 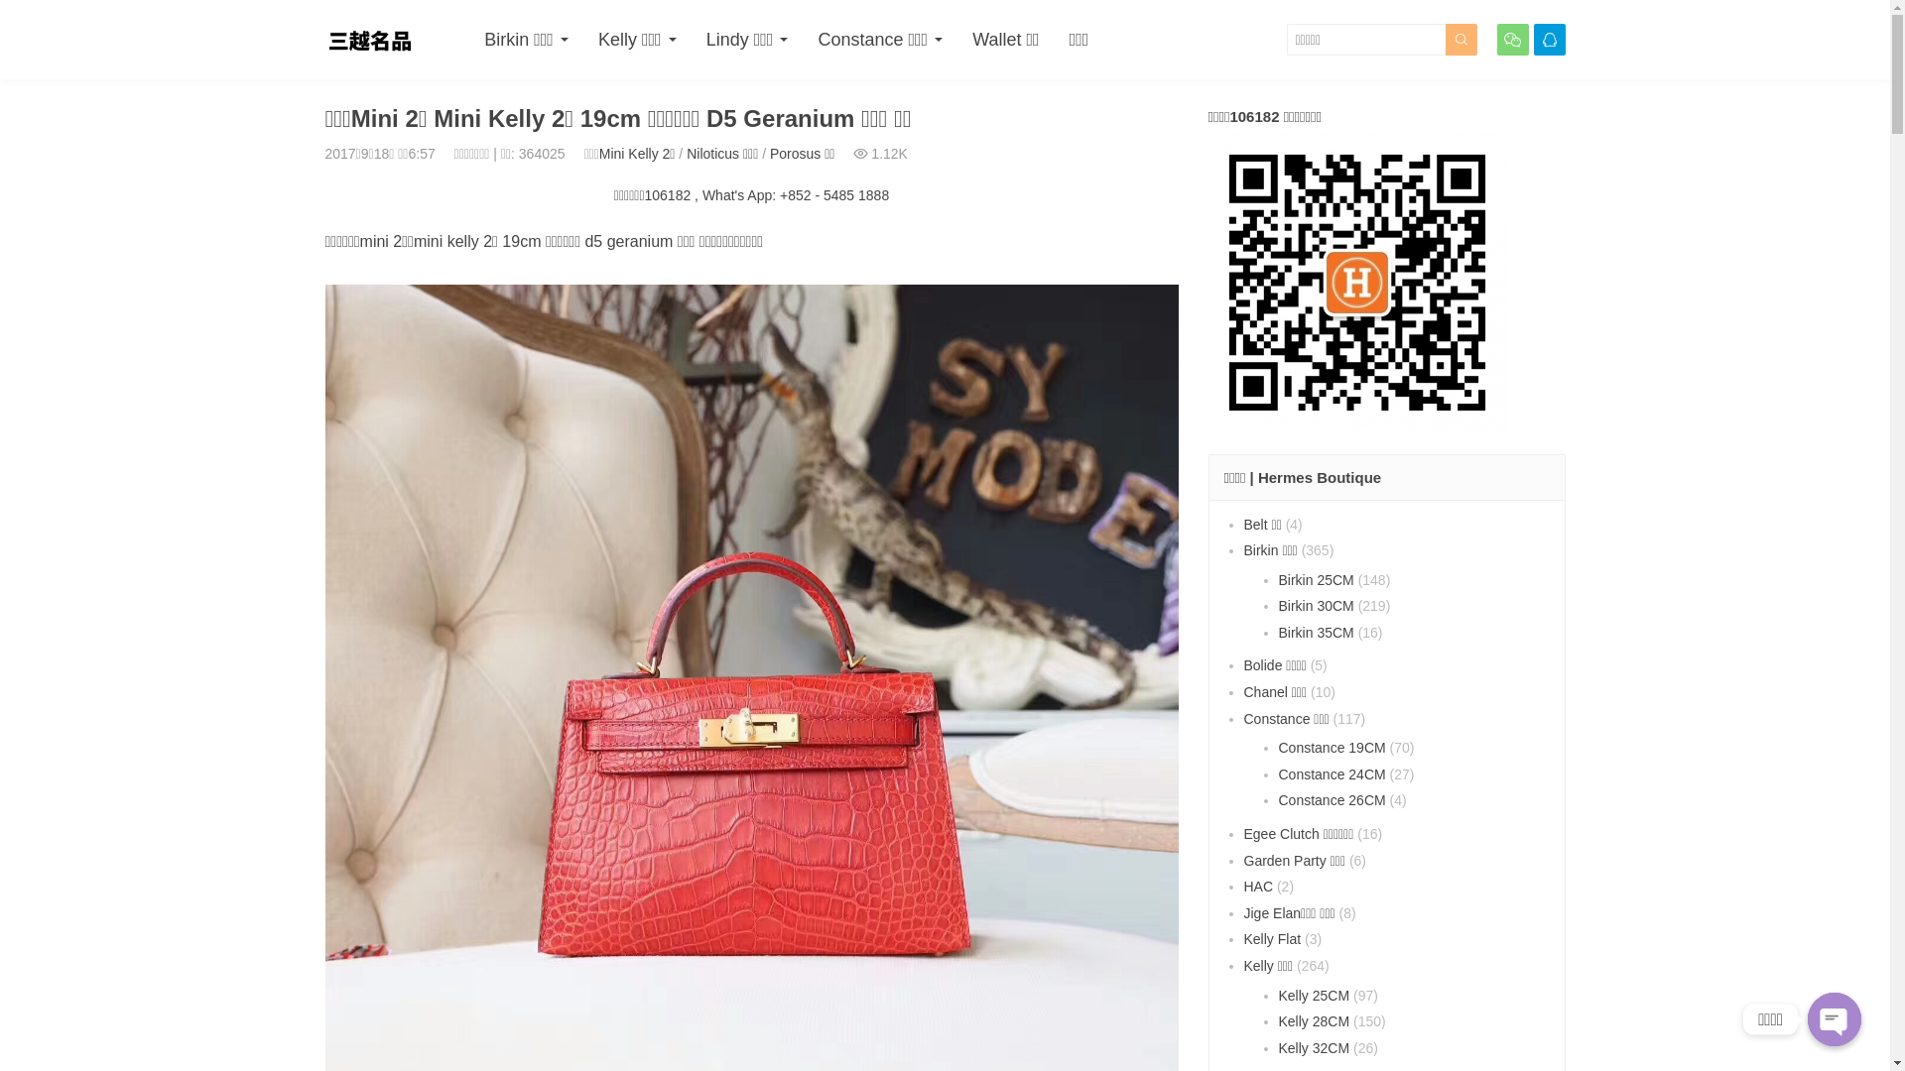 What do you see at coordinates (1314, 995) in the screenshot?
I see `'Kelly 25CM'` at bounding box center [1314, 995].